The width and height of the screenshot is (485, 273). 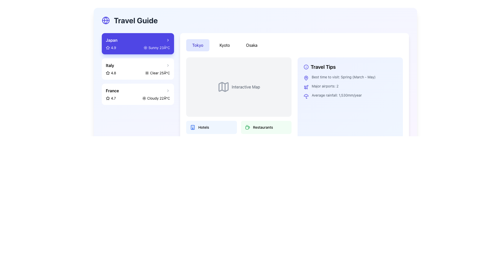 I want to click on the star icon representing a rating for 'Japan', which is located to the left of the text '4.9' in the rating system, so click(x=108, y=48).